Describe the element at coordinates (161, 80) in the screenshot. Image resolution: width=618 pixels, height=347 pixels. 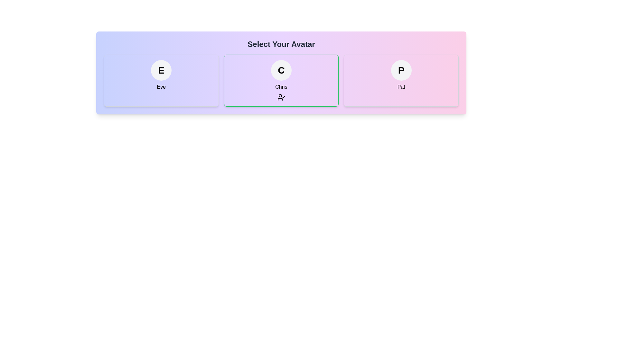
I see `the avatar named Eve` at that location.